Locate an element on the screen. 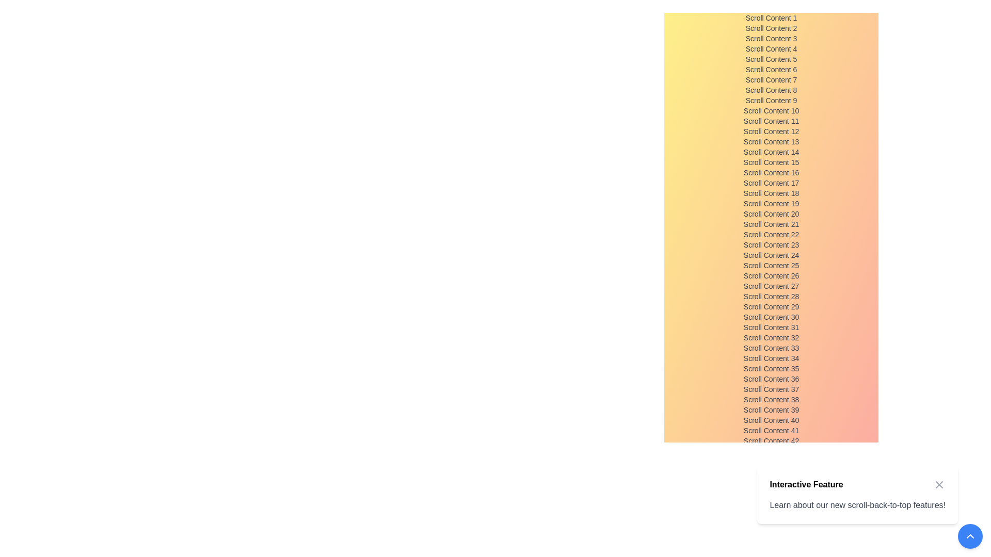  the text label displaying 'Scroll Content 5', which is the fifth item in a scrollable list of text elements with a gradient background is located at coordinates (771, 59).